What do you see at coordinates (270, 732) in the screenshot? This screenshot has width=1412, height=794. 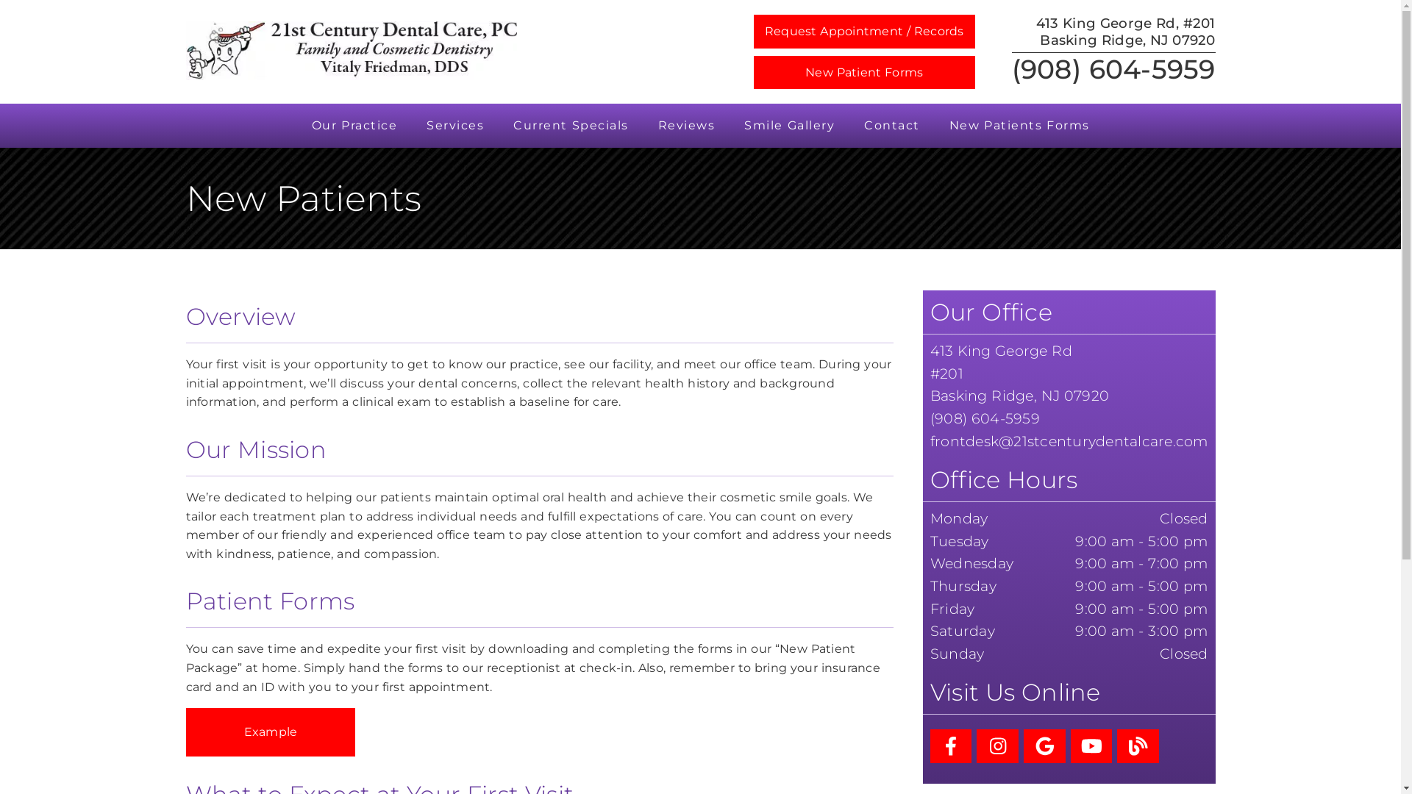 I see `'Example'` at bounding box center [270, 732].